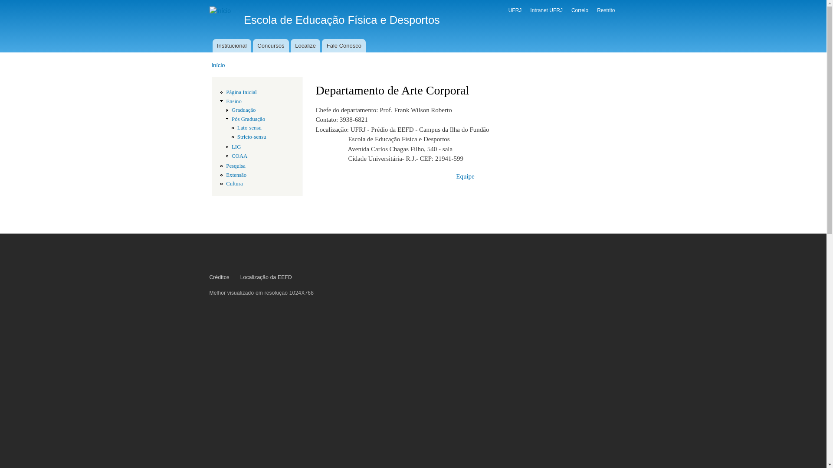 This screenshot has width=833, height=468. What do you see at coordinates (605, 10) in the screenshot?
I see `'Restrito'` at bounding box center [605, 10].